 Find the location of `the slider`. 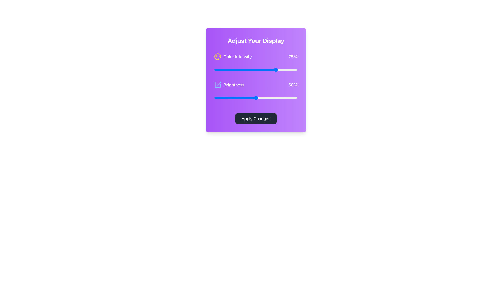

the slider is located at coordinates (234, 69).